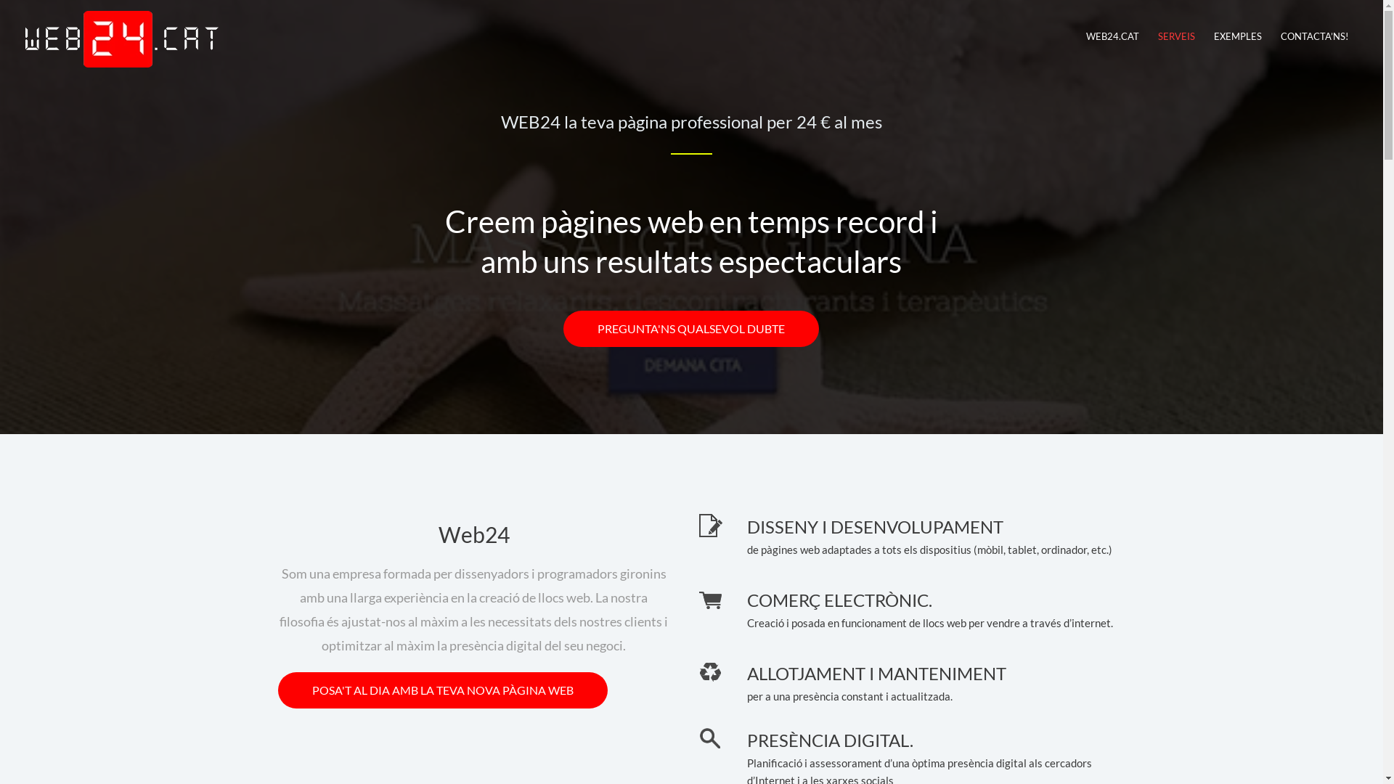  What do you see at coordinates (1176, 36) in the screenshot?
I see `'SERVEIS'` at bounding box center [1176, 36].